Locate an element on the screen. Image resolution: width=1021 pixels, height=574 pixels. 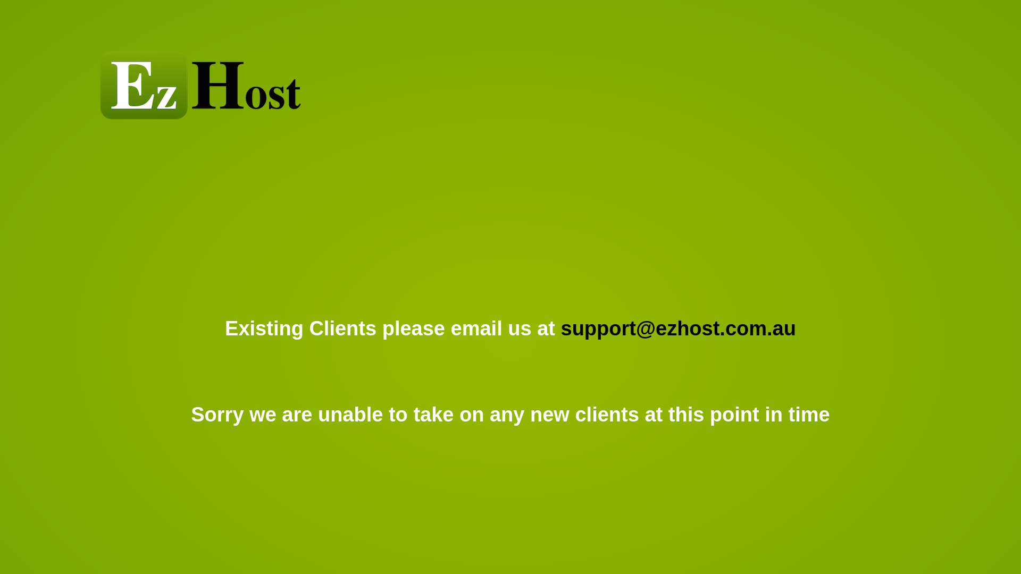
'support@ezhost.com.au' is located at coordinates (678, 327).